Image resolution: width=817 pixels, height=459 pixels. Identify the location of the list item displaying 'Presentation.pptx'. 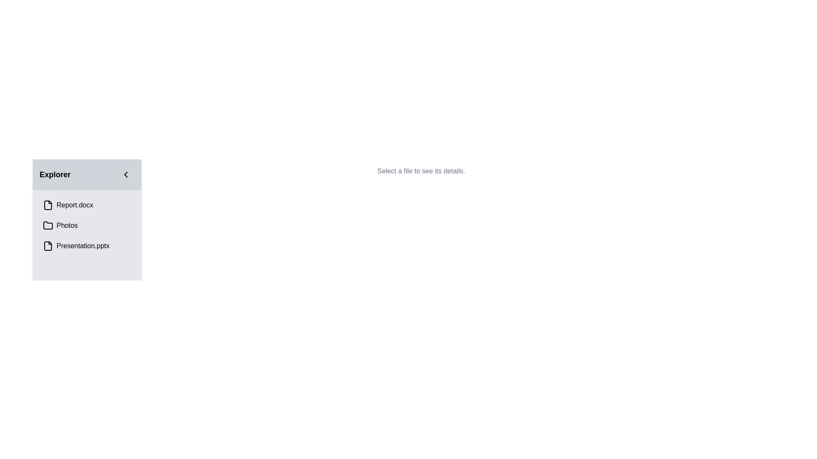
(87, 246).